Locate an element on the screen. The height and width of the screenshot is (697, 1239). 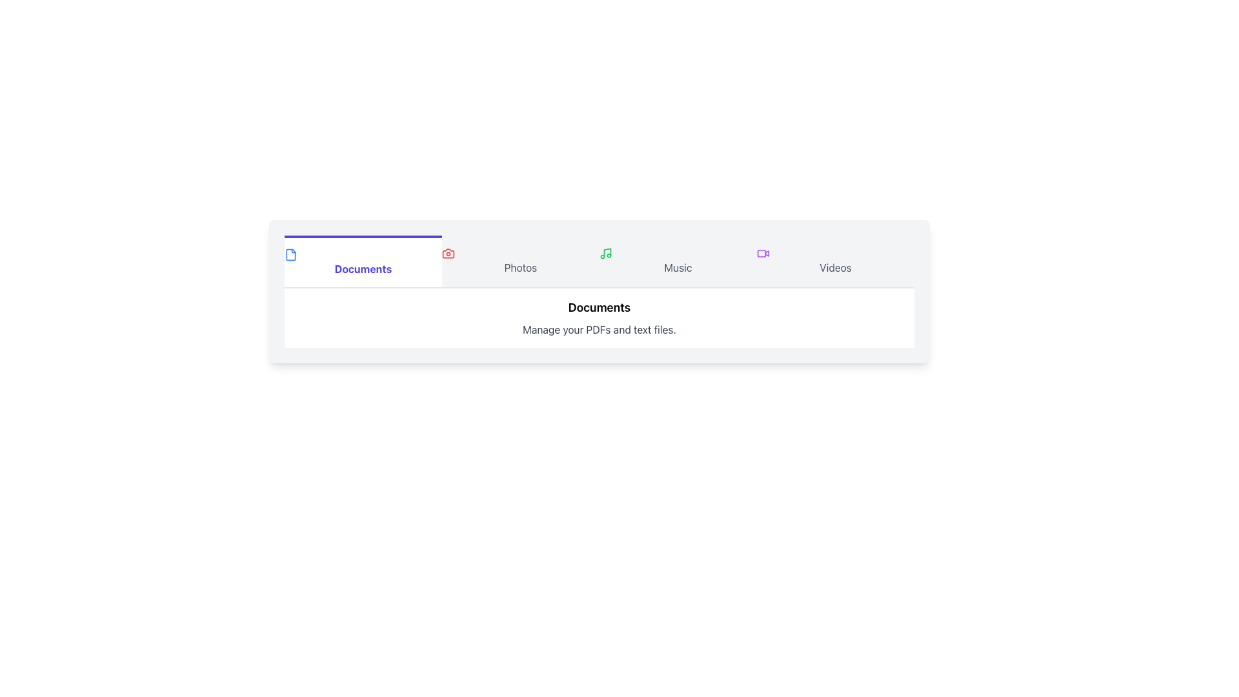
the 'Documents' text label, which is styled in bold indigo text and centrally aligned within a white background, for navigation is located at coordinates (362, 268).